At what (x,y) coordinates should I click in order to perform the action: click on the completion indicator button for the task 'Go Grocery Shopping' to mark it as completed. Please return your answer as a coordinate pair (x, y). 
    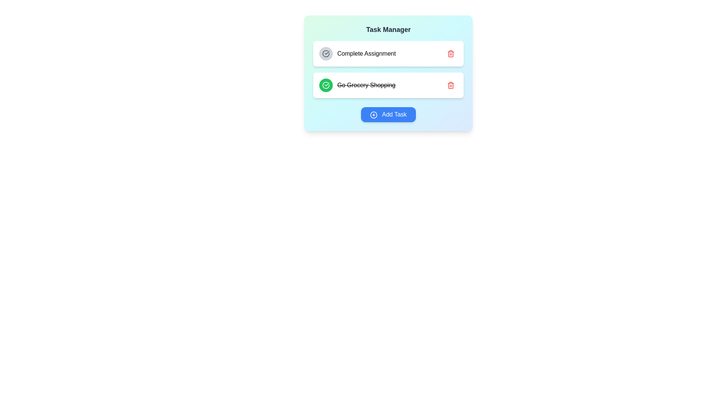
    Looking at the image, I should click on (326, 85).